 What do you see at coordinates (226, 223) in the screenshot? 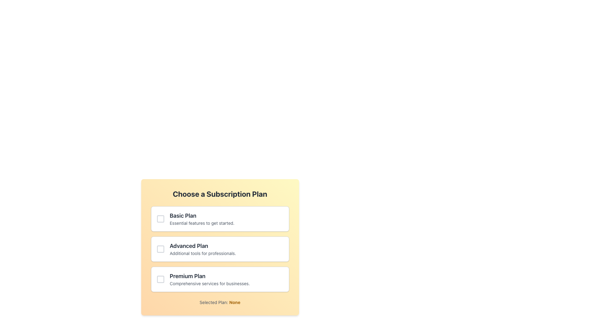
I see `the informational Text Label that describes the 'Basic Plan' subscription option, located below the 'Basic Plan' title in the subscription selection card` at bounding box center [226, 223].